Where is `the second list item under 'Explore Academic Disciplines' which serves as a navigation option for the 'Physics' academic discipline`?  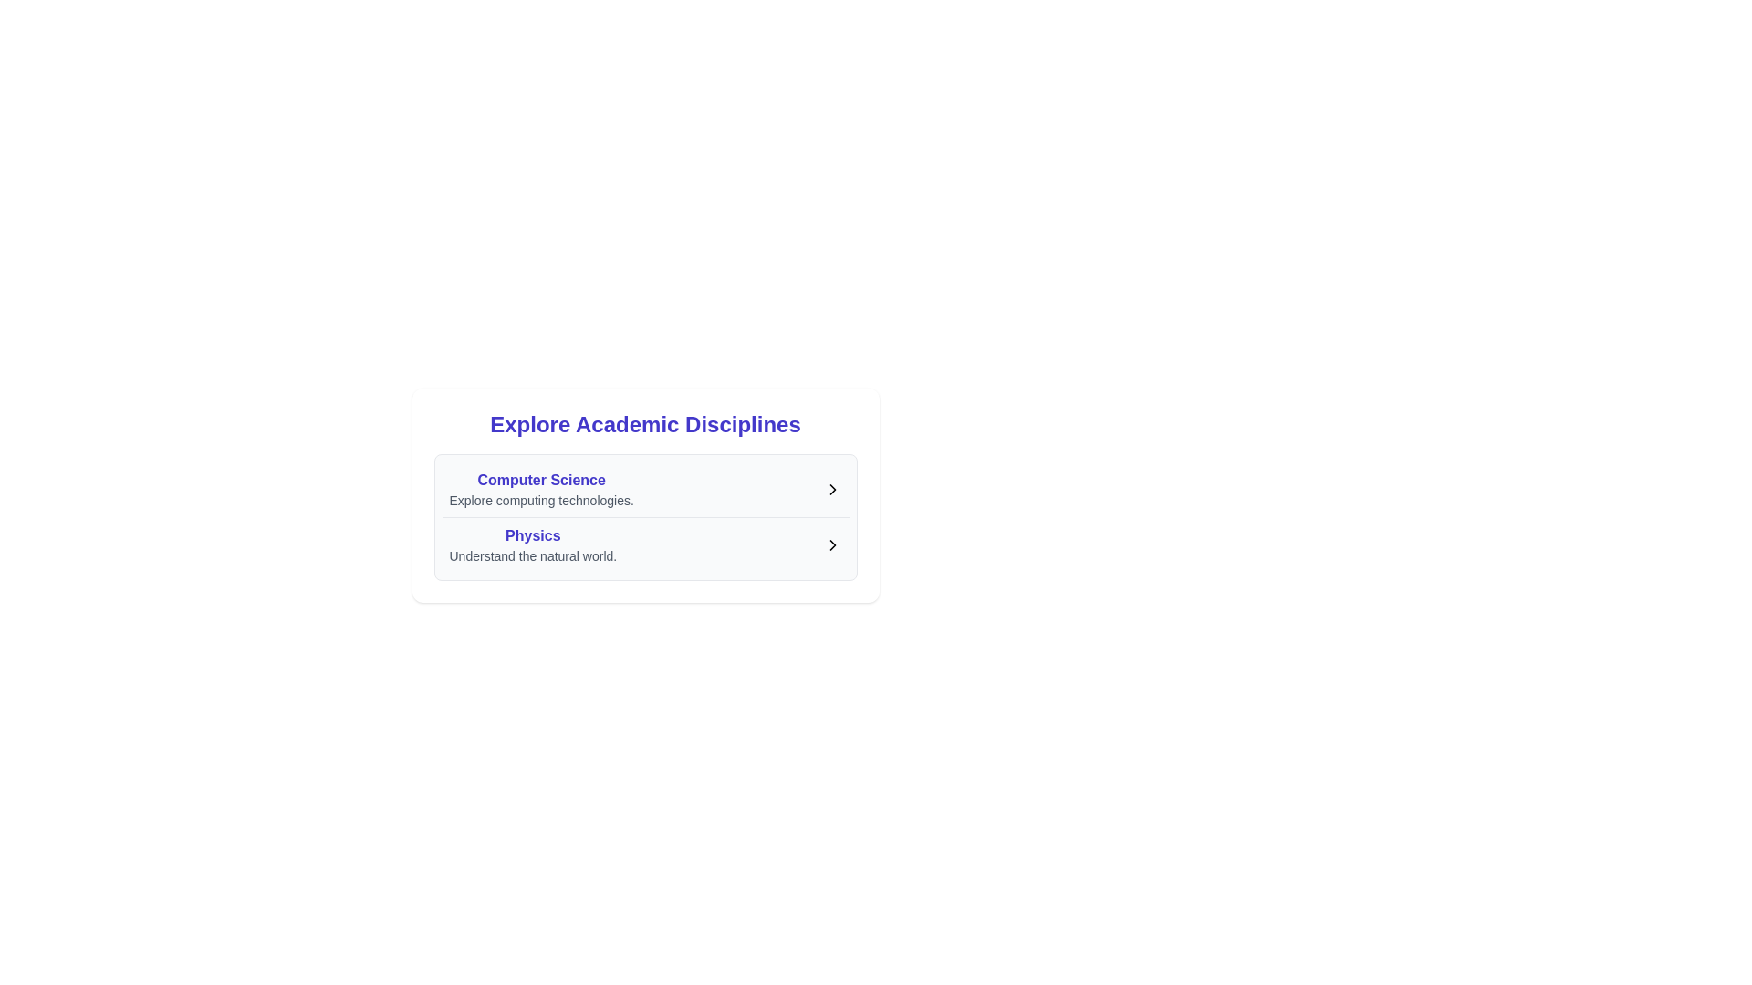
the second list item under 'Explore Academic Disciplines' which serves as a navigation option for the 'Physics' academic discipline is located at coordinates (645, 544).